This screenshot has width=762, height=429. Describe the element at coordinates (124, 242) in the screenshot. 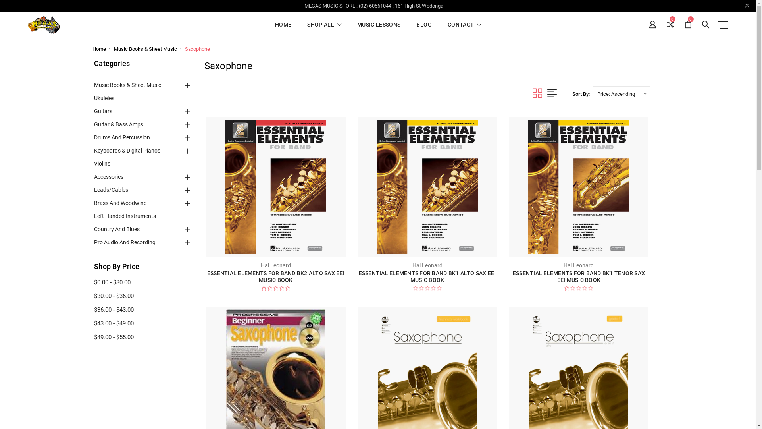

I see `'Pro Audio And Recording'` at that location.